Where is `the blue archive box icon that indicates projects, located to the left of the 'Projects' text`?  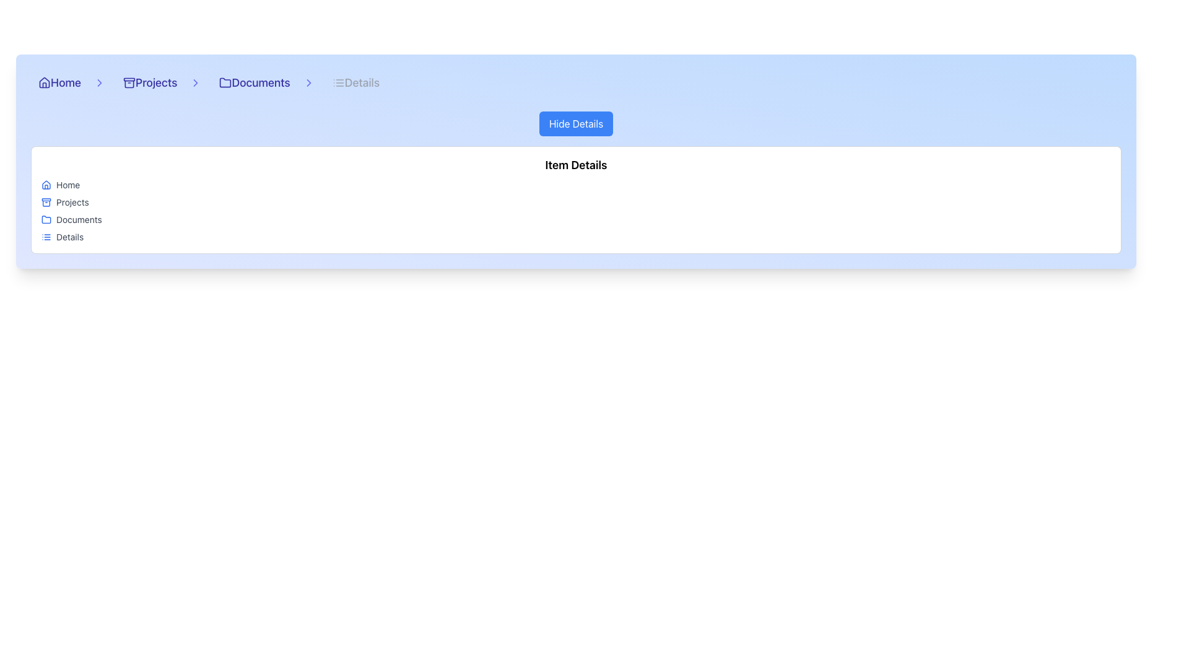
the blue archive box icon that indicates projects, located to the left of the 'Projects' text is located at coordinates (46, 202).